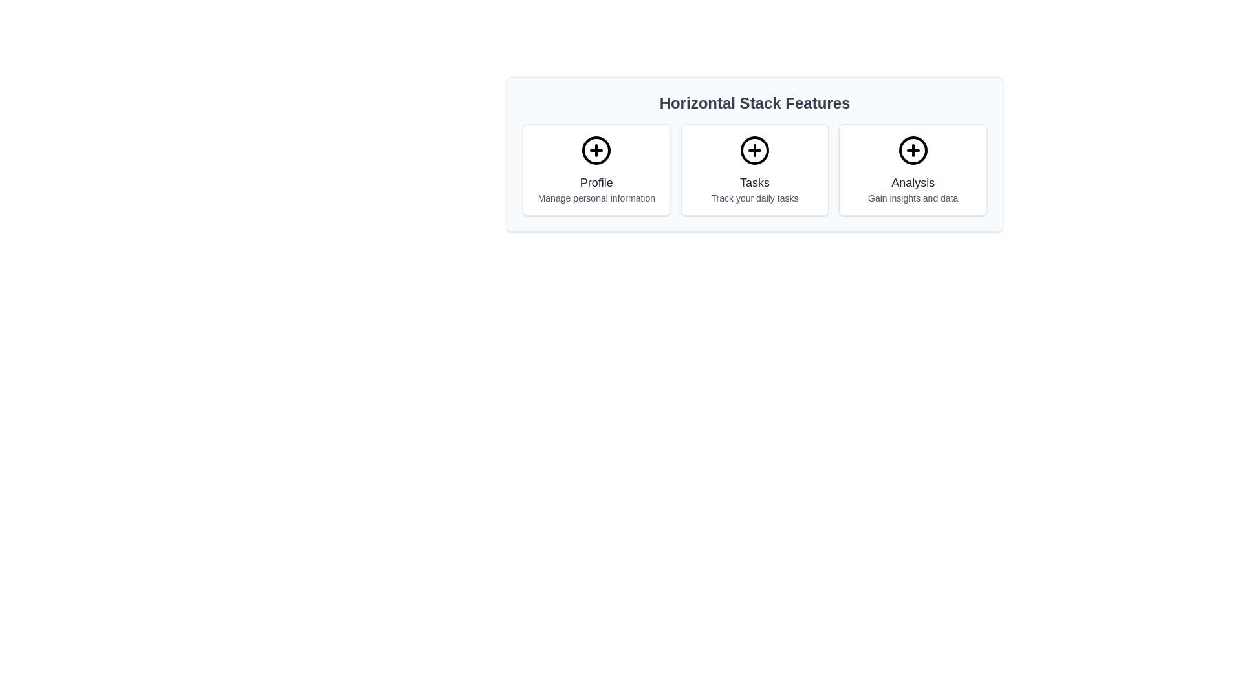  What do you see at coordinates (754, 149) in the screenshot?
I see `the teal circular icon button with a plus sign, located above the text 'Tasks' in the middle card of the horizontally aligned stack` at bounding box center [754, 149].